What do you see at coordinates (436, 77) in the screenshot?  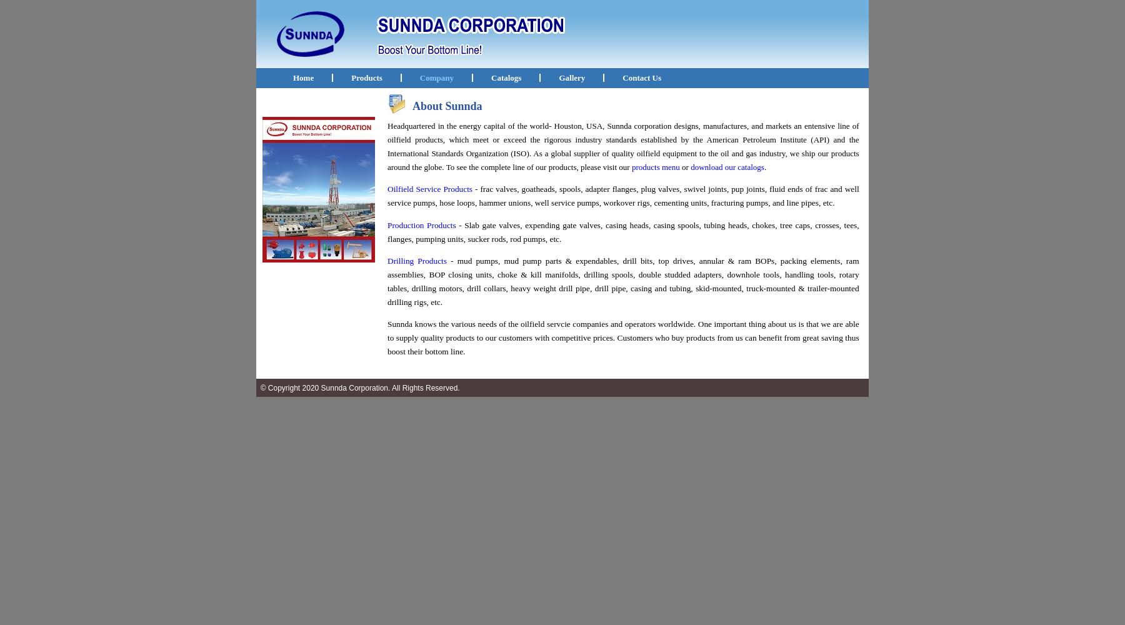 I see `'Company'` at bounding box center [436, 77].